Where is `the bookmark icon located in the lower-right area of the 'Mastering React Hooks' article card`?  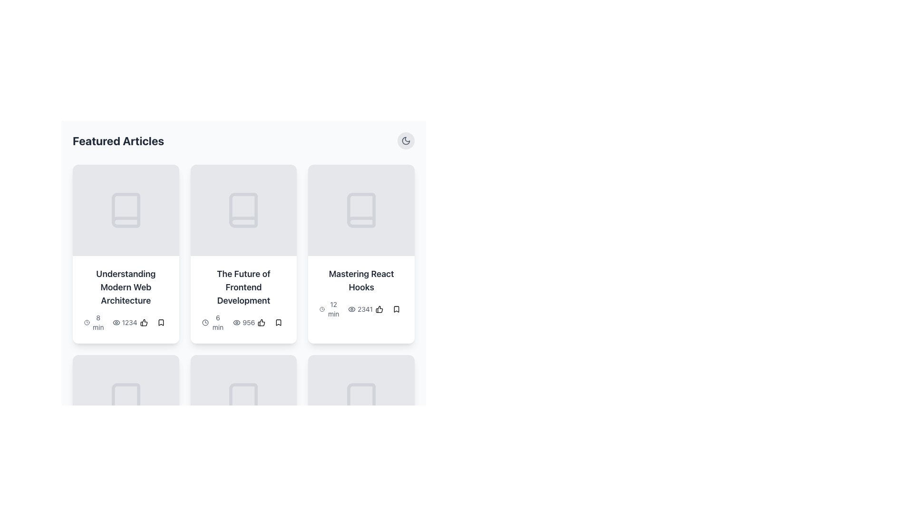
the bookmark icon located in the lower-right area of the 'Mastering React Hooks' article card is located at coordinates (397, 309).